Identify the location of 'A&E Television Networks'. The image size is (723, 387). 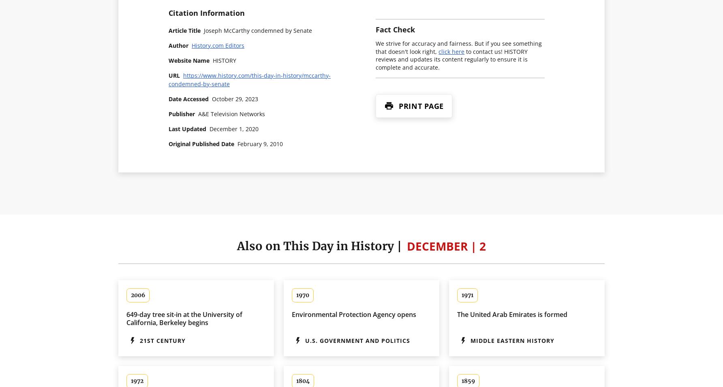
(231, 113).